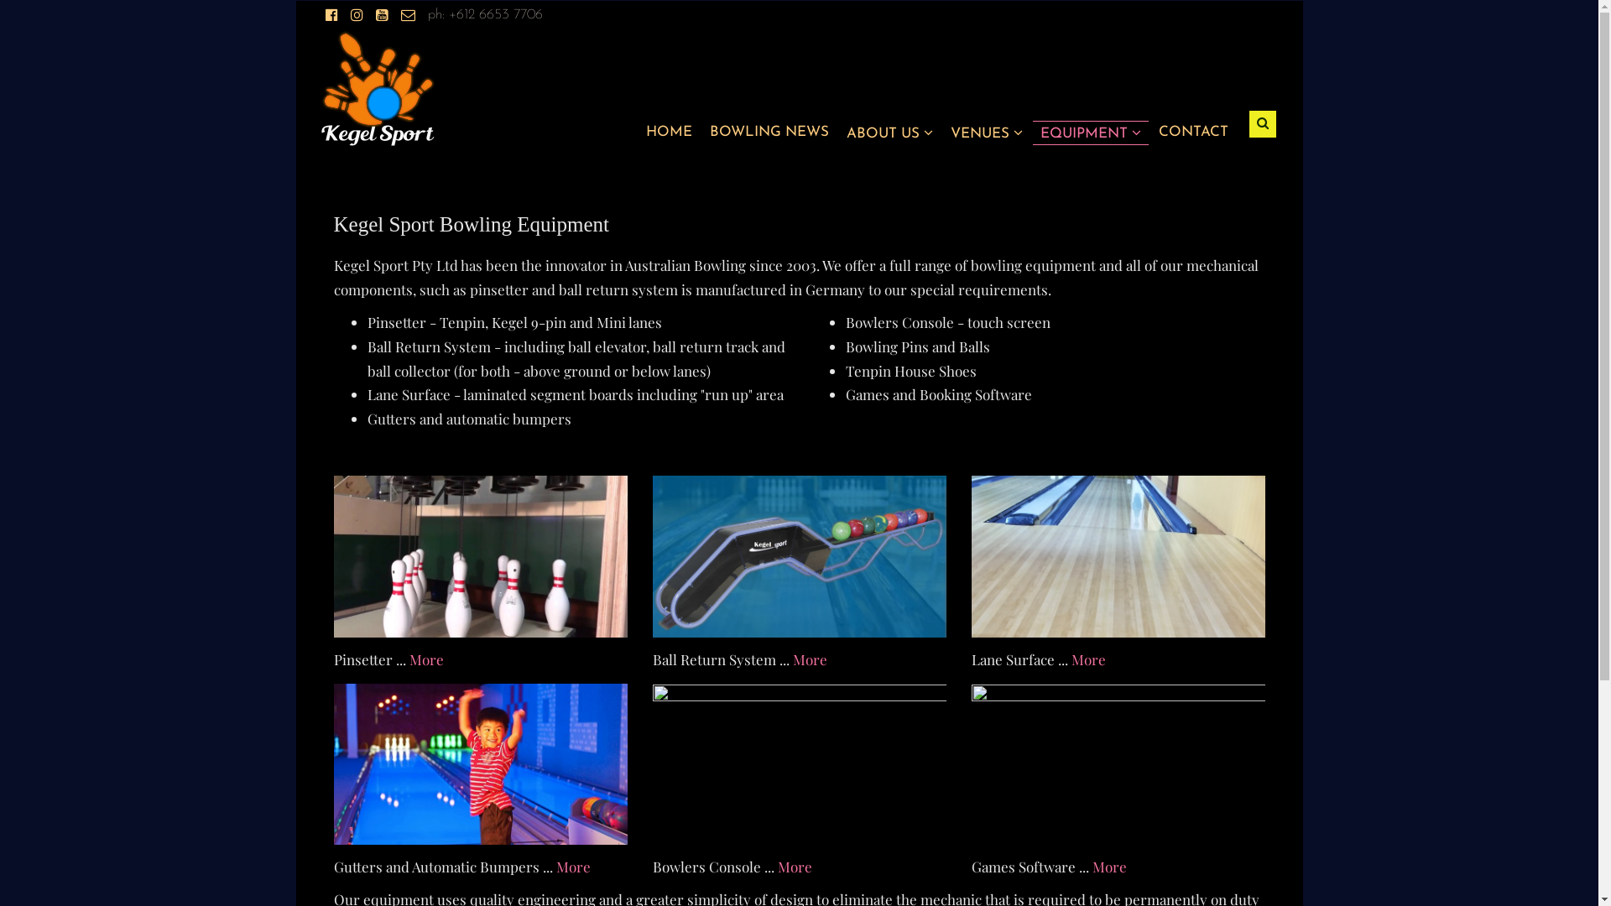 The width and height of the screenshot is (1611, 906). I want to click on 'Automatic Bumpers', so click(479, 764).